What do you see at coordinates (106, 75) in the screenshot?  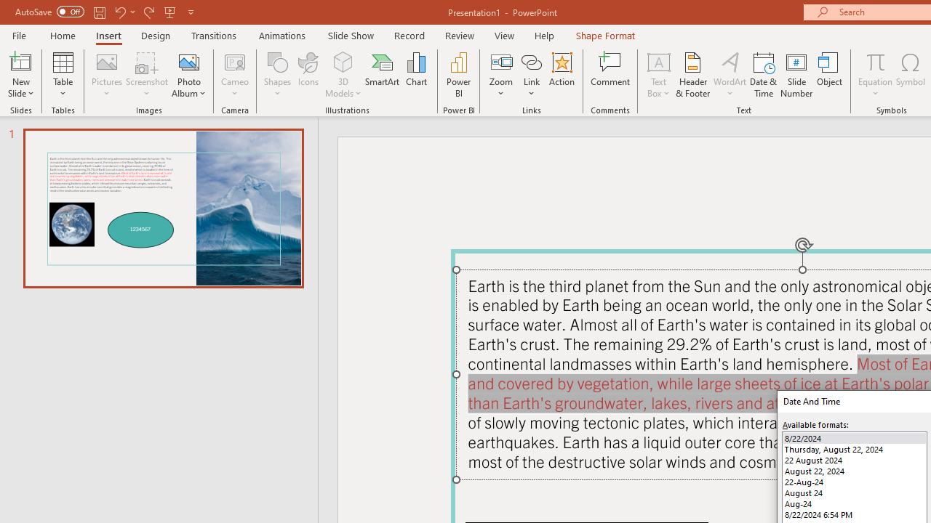 I see `'Pictures'` at bounding box center [106, 75].